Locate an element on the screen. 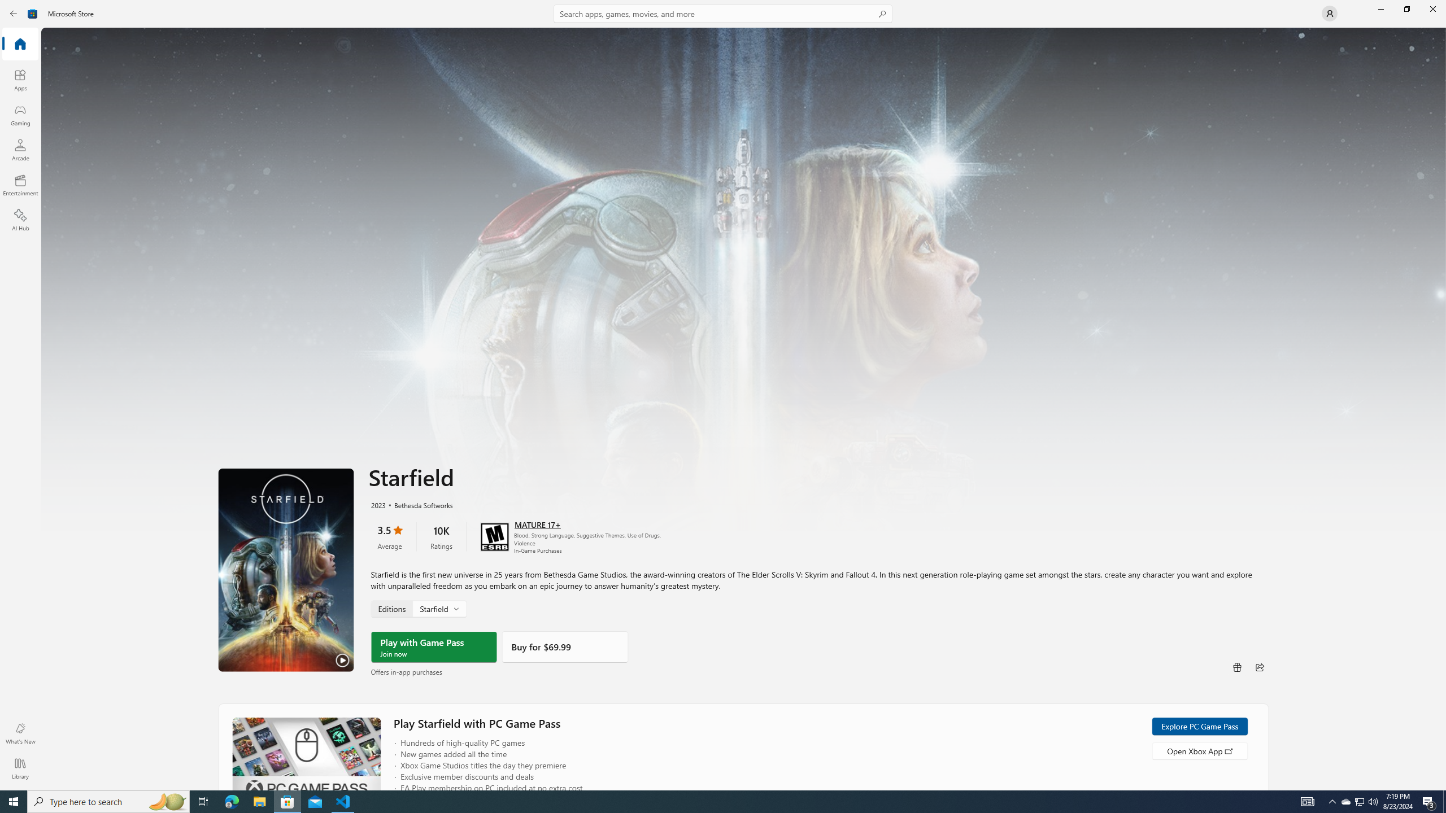 The height and width of the screenshot is (813, 1446). 'Age rating: MATURE 17+. Click for more information.' is located at coordinates (537, 523).